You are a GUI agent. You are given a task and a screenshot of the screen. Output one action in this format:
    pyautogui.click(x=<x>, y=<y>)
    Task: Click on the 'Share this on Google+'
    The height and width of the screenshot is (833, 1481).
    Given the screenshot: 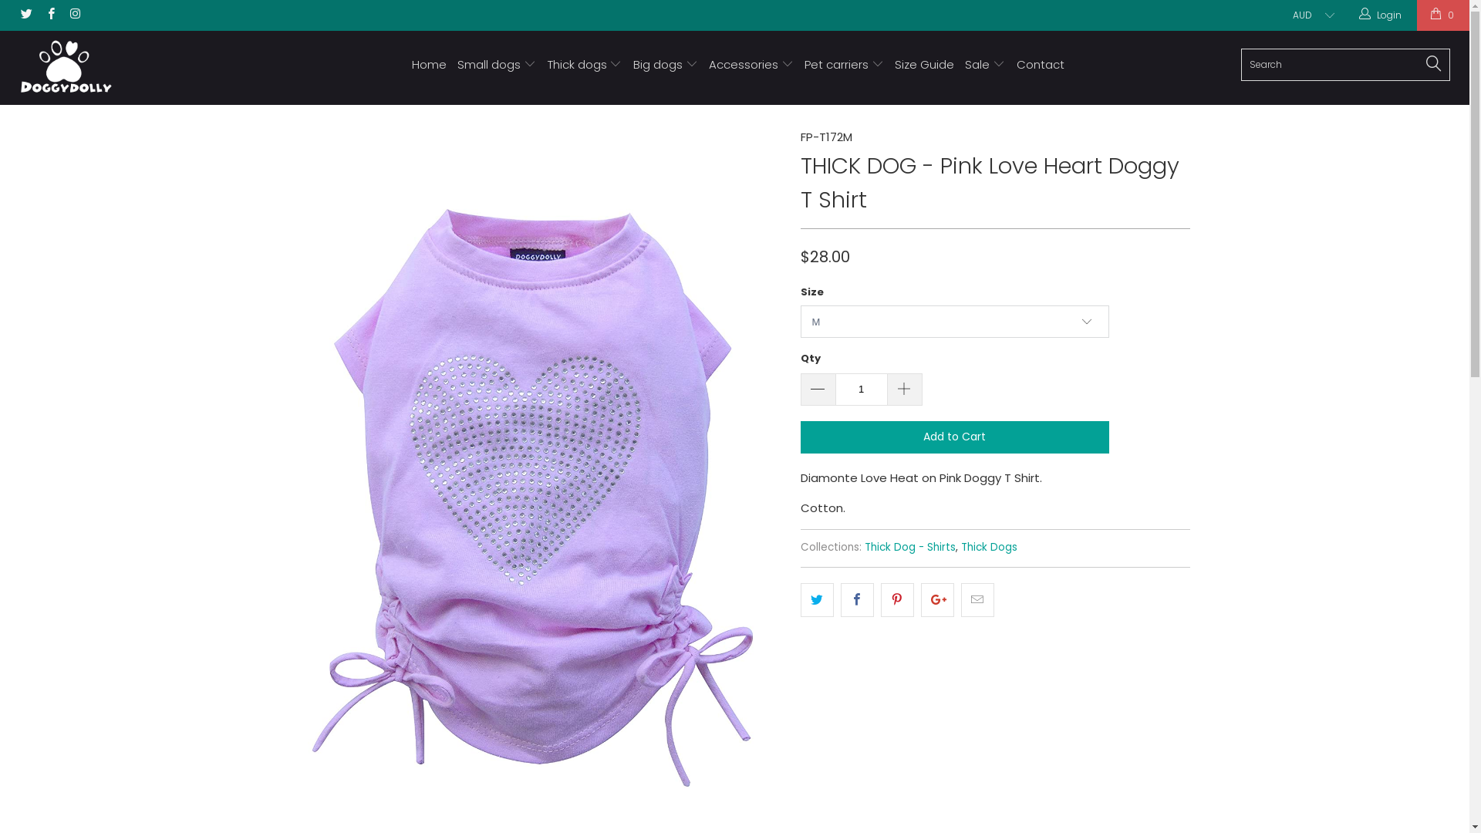 What is the action you would take?
    pyautogui.click(x=936, y=599)
    